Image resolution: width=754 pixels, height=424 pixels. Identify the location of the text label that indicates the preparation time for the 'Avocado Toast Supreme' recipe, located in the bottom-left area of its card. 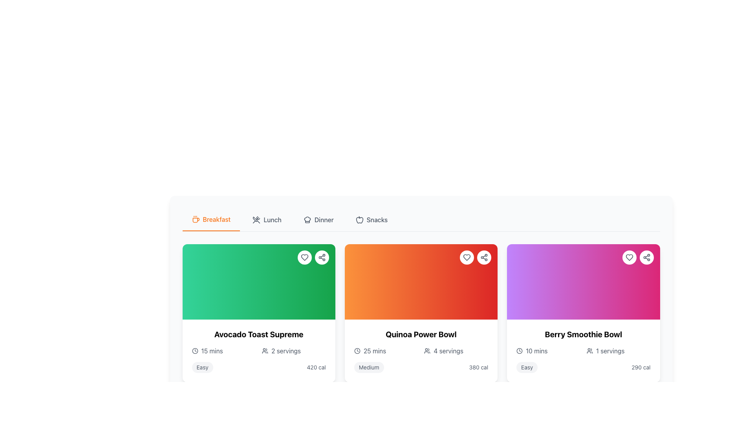
(212, 351).